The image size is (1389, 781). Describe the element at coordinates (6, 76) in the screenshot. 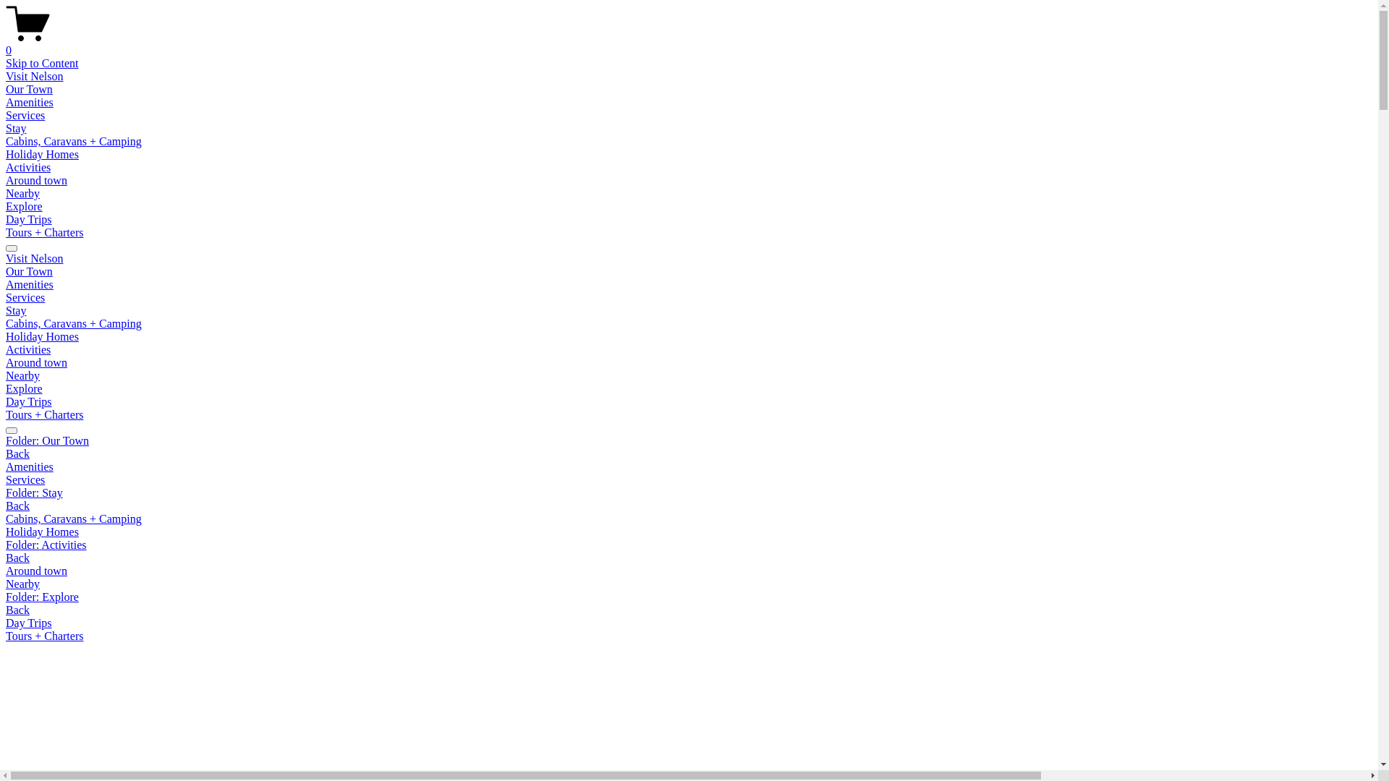

I see `'Visit Nelson'` at that location.